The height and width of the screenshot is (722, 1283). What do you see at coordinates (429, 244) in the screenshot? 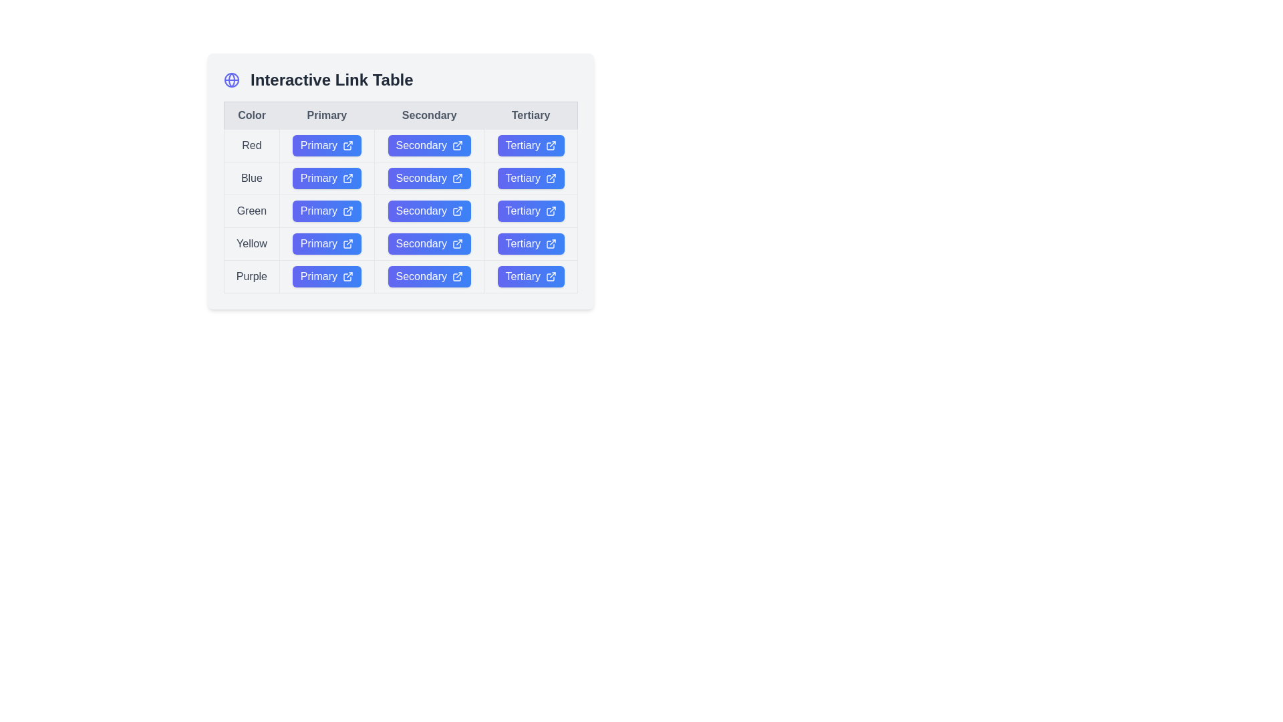
I see `the button with an external link icon located in the fourth row and second column of the 'Interactive Link Table'` at bounding box center [429, 244].